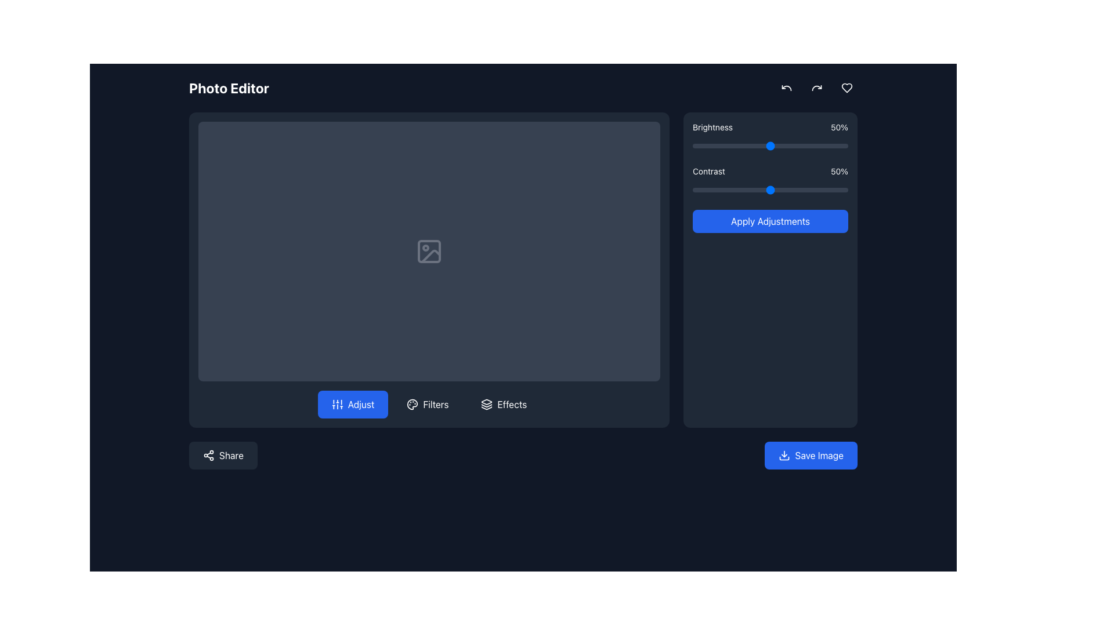  What do you see at coordinates (209, 454) in the screenshot?
I see `the share icon, which is depicted as a set of interconnected circles and located to the left of the text 'Share' at the bottom-left of the interface` at bounding box center [209, 454].